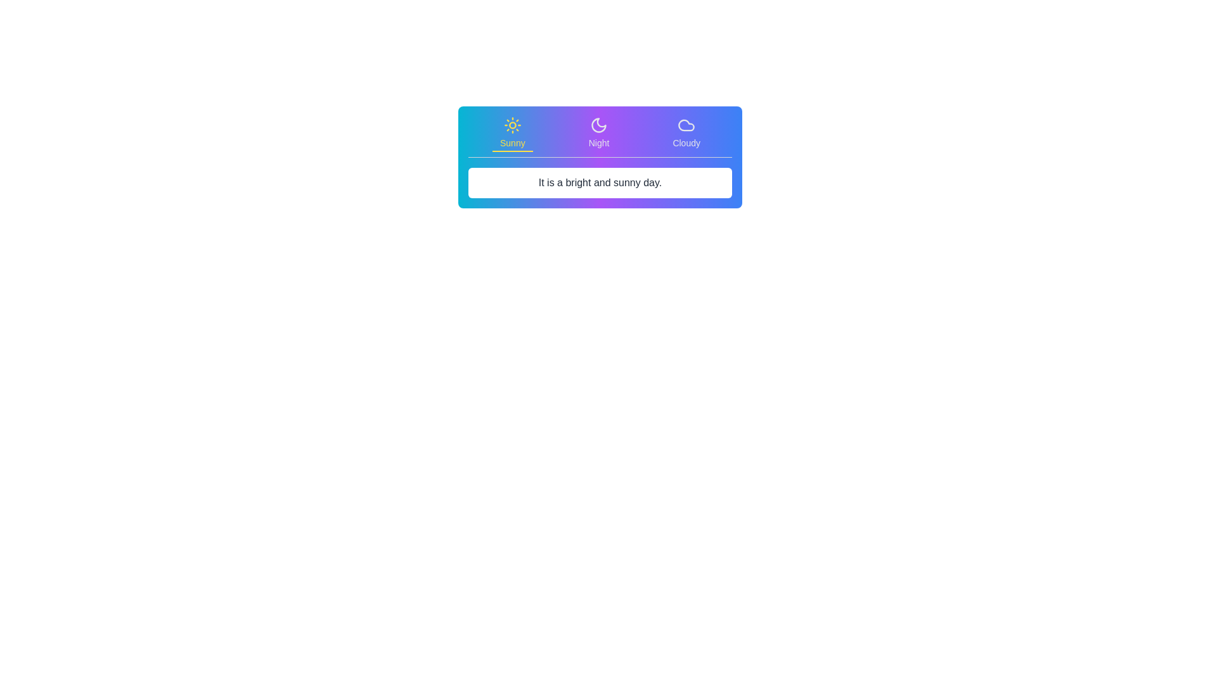  Describe the element at coordinates (512, 142) in the screenshot. I see `the static text label indicating sunny weather condition, which is located beneath the sun icon and above a separator line` at that location.